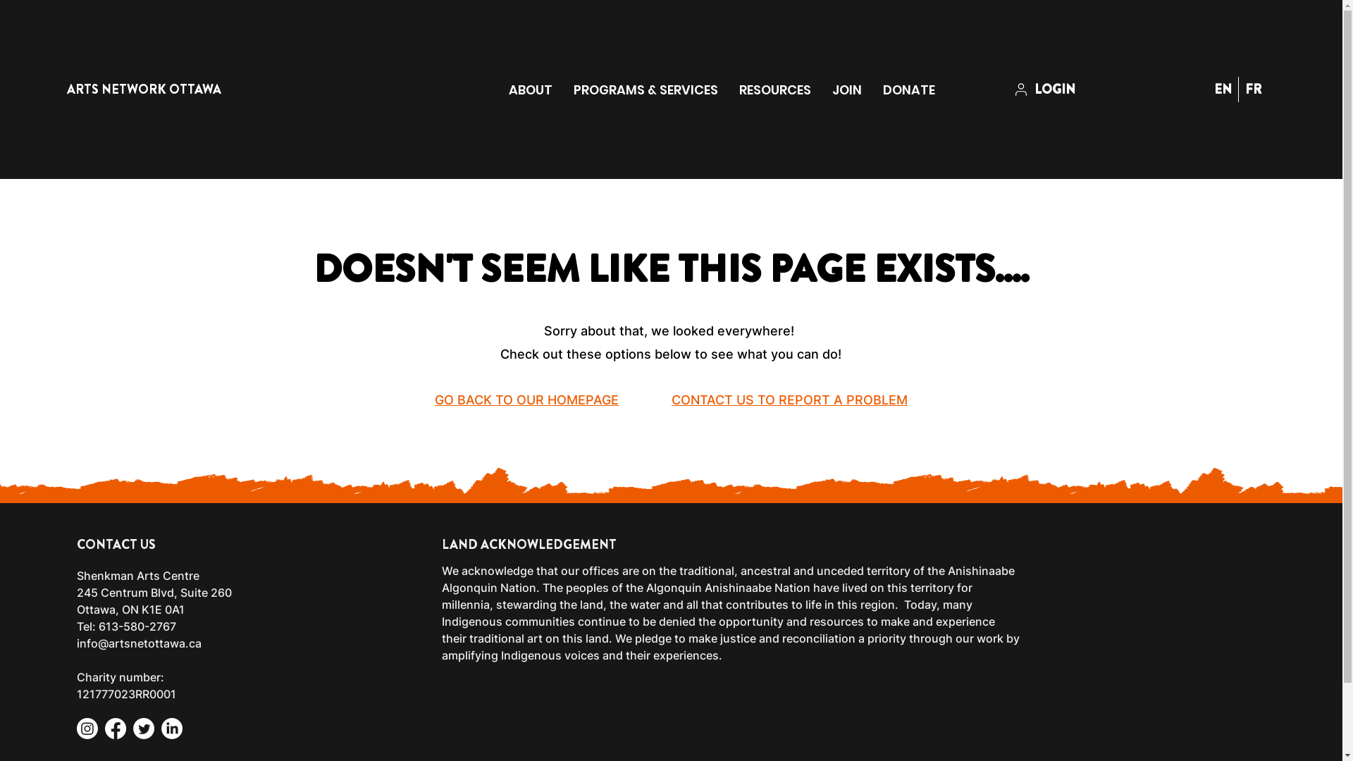  Describe the element at coordinates (1252, 89) in the screenshot. I see `'FR'` at that location.